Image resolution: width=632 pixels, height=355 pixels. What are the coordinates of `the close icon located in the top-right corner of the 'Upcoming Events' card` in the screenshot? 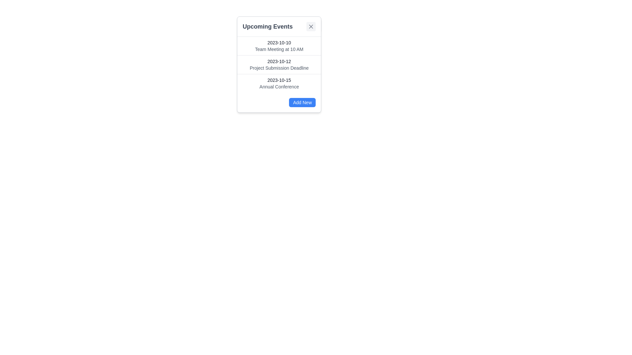 It's located at (311, 26).